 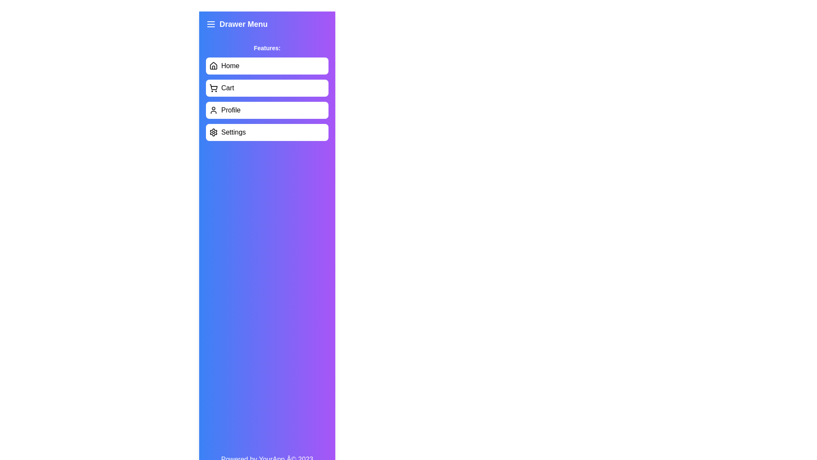 What do you see at coordinates (214, 132) in the screenshot?
I see `the Settings icon in the drawer menu` at bounding box center [214, 132].